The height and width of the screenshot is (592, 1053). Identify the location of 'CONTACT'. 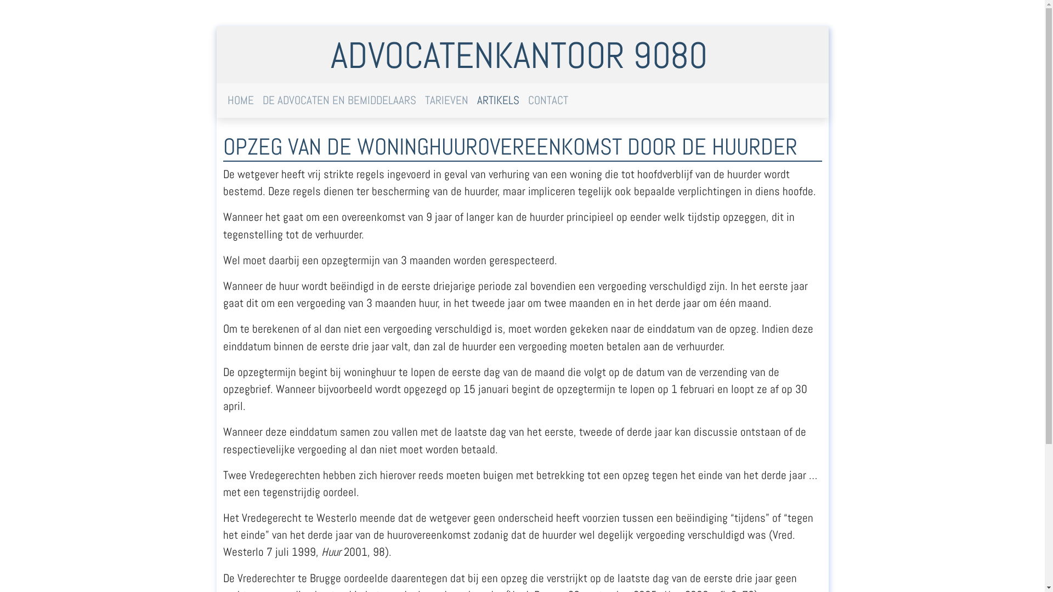
(547, 100).